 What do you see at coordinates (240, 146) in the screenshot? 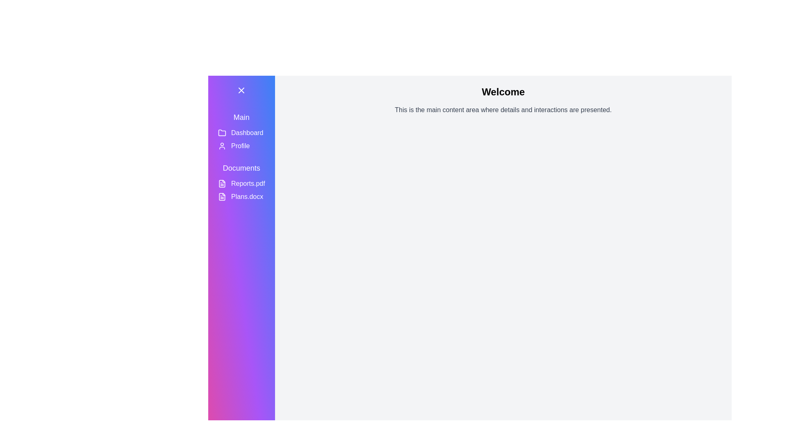
I see `the 'Profile' menu item located in the sidebar under 'Dashboard'` at bounding box center [240, 146].